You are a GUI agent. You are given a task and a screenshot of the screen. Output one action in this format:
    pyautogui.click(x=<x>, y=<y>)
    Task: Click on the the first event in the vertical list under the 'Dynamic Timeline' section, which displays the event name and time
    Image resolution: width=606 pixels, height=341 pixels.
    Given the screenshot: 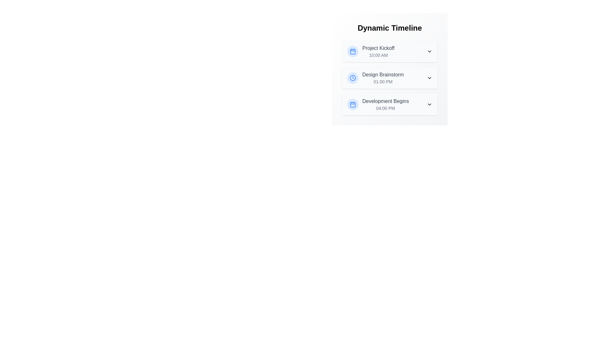 What is the action you would take?
    pyautogui.click(x=371, y=51)
    